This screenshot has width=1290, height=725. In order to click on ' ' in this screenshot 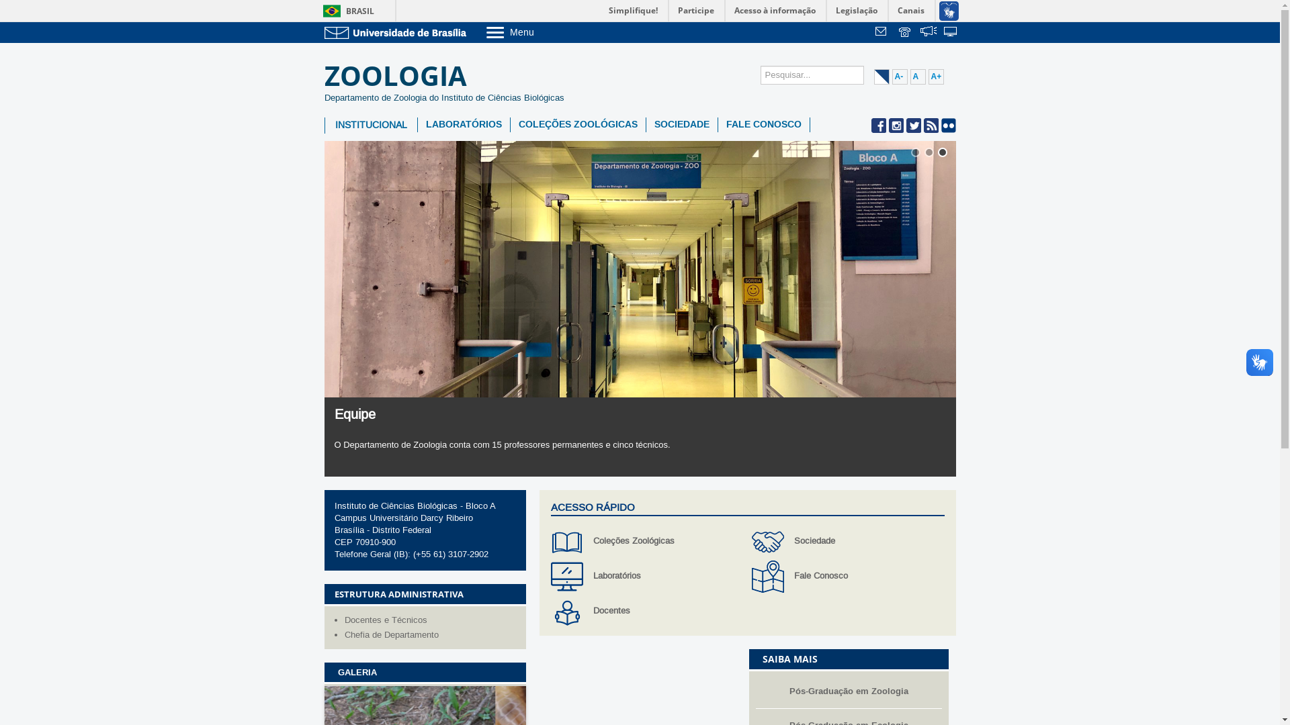, I will do `click(874, 32)`.